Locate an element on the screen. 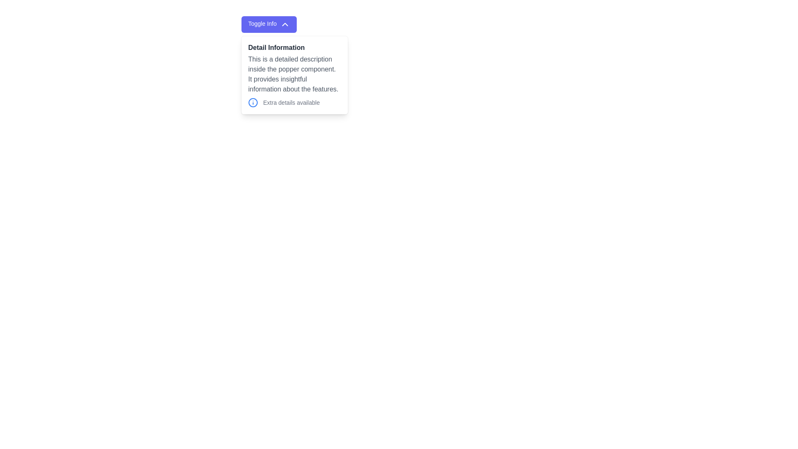 The image size is (798, 449). the informational text element with a blue 'info' icon and gray text reading 'Extra details available' is located at coordinates (295, 102).